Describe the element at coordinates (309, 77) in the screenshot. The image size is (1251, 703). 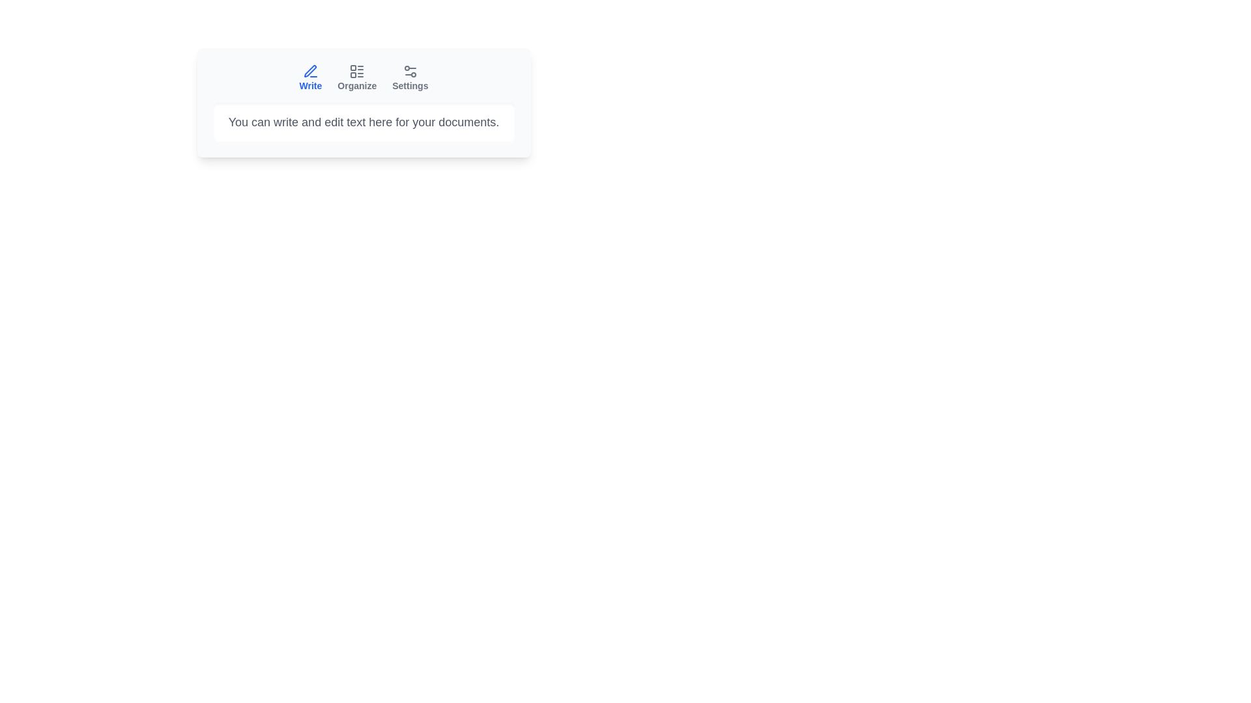
I see `the tab button labeled Write` at that location.